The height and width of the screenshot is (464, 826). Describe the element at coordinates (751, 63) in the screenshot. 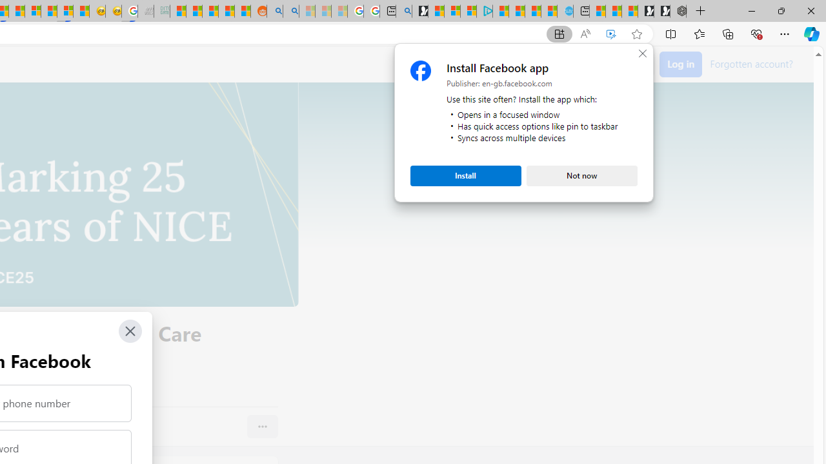

I see `'Forgotten account?'` at that location.